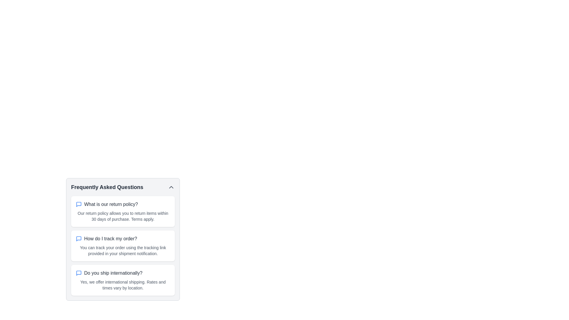 The height and width of the screenshot is (320, 569). Describe the element at coordinates (111, 204) in the screenshot. I see `the text label that serves as a heading for the FAQ item, located to the right of a blue speech bubble icon` at that location.